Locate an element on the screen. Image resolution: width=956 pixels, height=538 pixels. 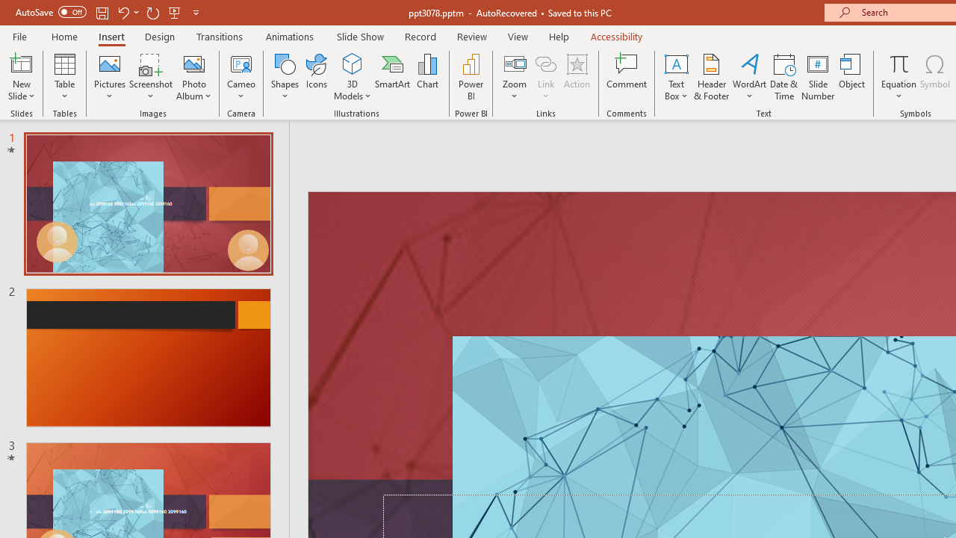
'View' is located at coordinates (518, 36).